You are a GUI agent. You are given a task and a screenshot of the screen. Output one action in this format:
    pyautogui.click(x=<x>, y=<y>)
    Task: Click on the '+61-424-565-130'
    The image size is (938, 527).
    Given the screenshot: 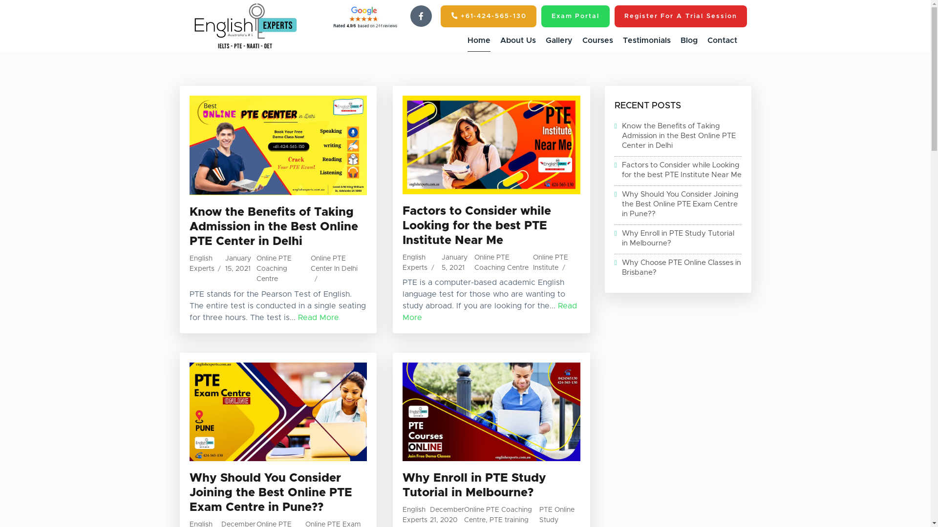 What is the action you would take?
    pyautogui.click(x=488, y=17)
    